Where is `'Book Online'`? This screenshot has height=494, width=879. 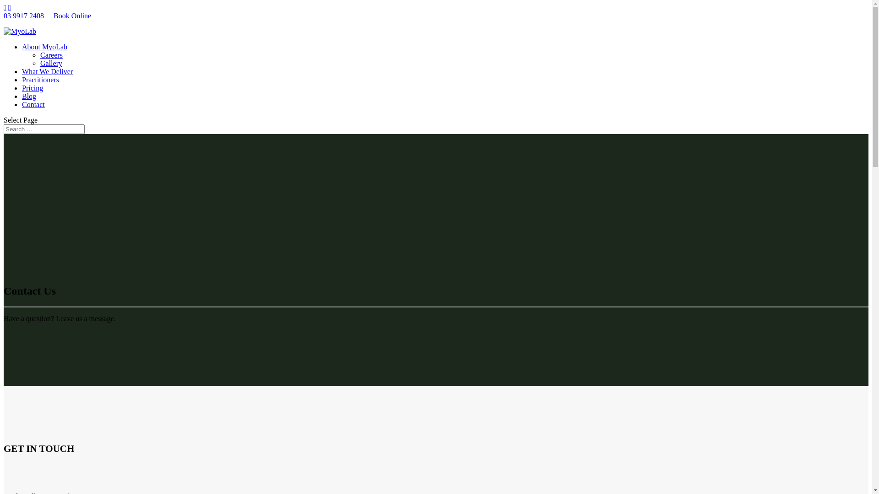 'Book Online' is located at coordinates (72, 16).